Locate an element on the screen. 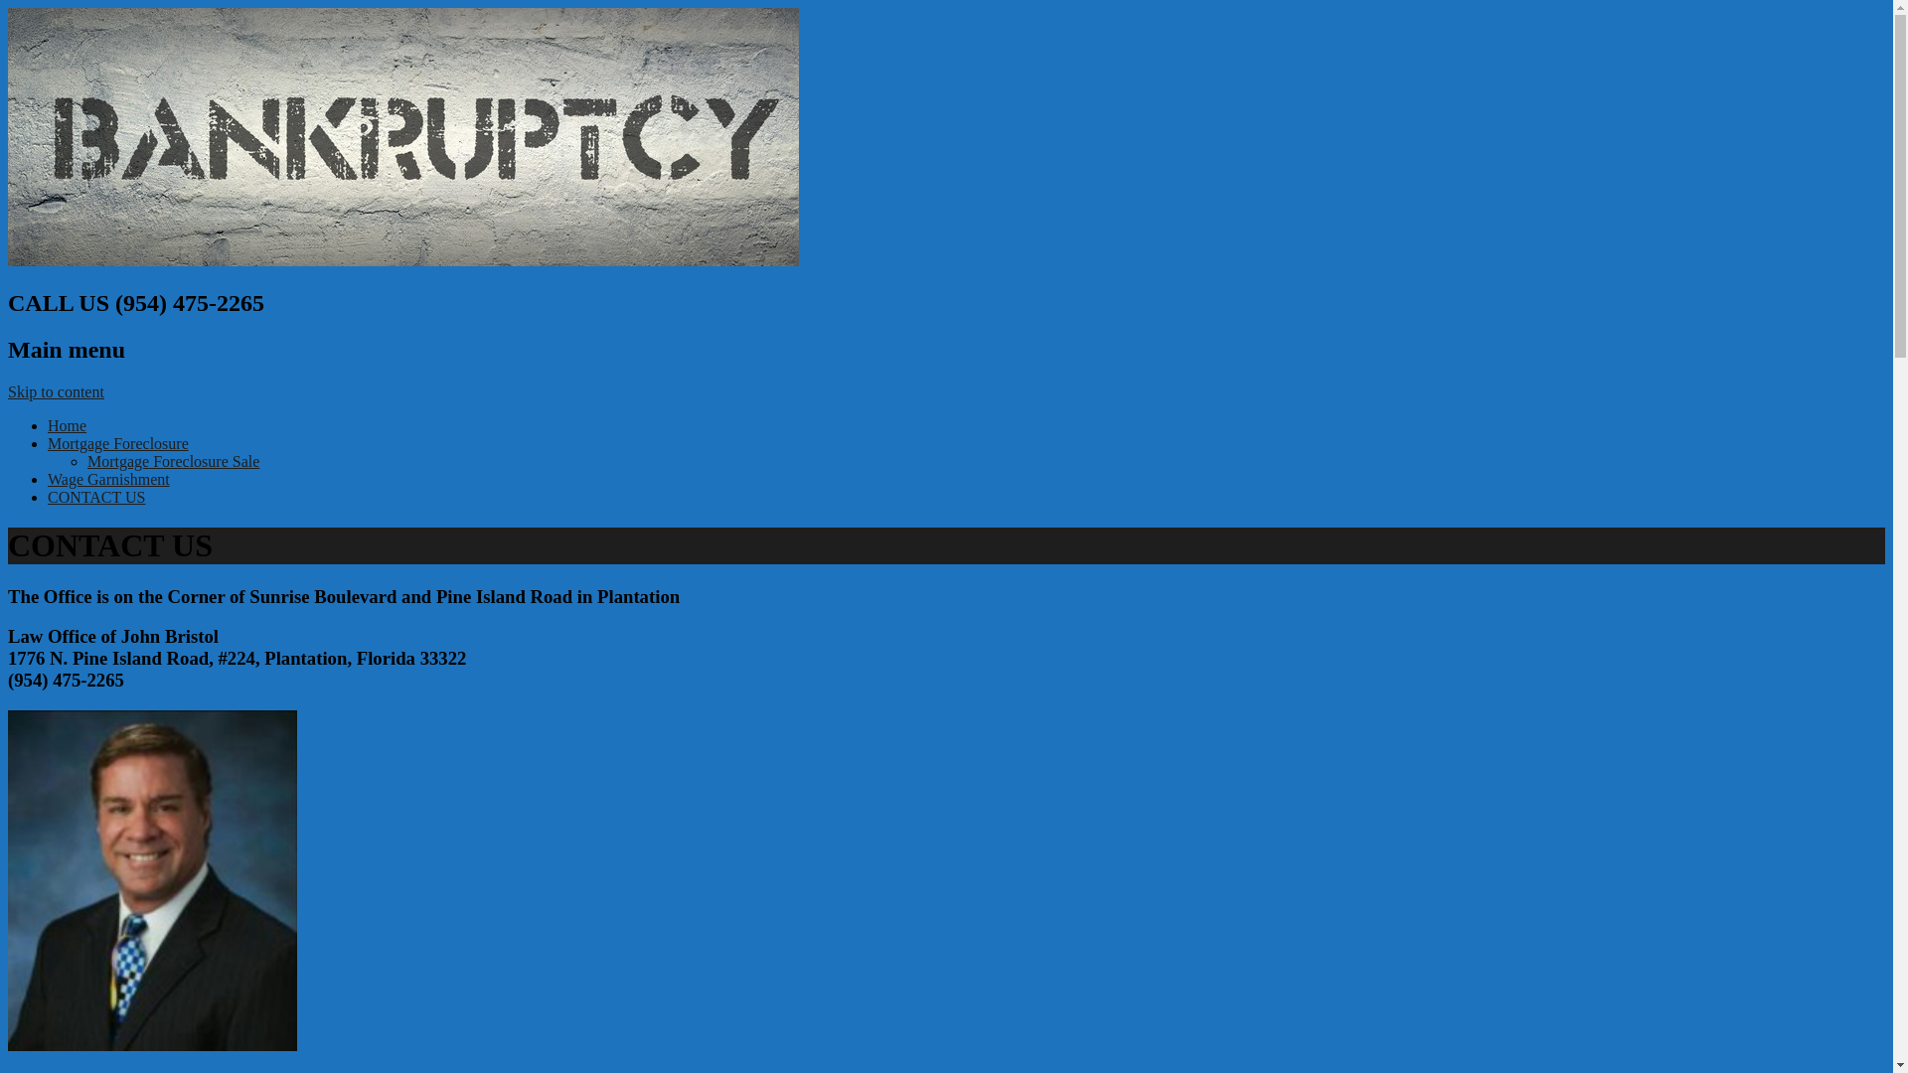 The height and width of the screenshot is (1073, 1908). 'Skip to content' is located at coordinates (56, 391).